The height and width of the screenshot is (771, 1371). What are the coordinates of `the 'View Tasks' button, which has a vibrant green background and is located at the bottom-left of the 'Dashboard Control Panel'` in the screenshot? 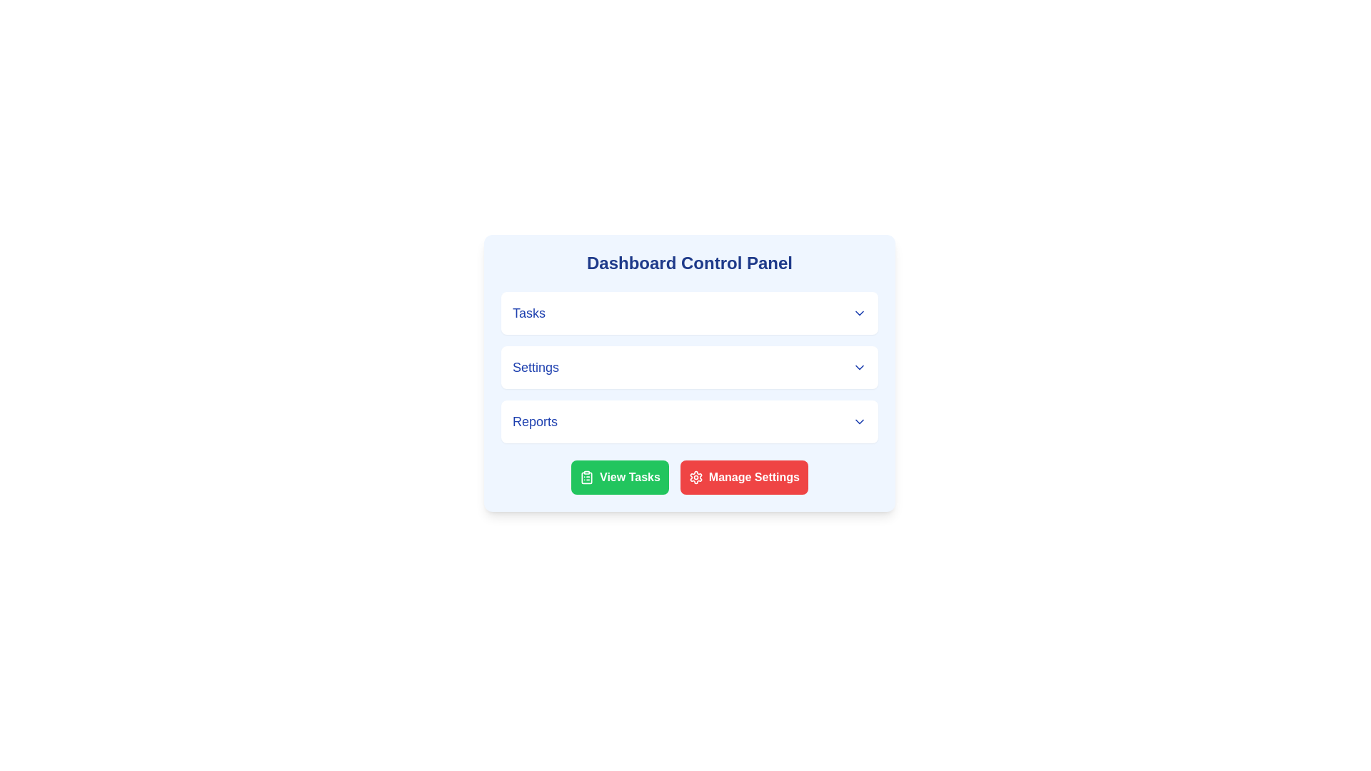 It's located at (620, 477).